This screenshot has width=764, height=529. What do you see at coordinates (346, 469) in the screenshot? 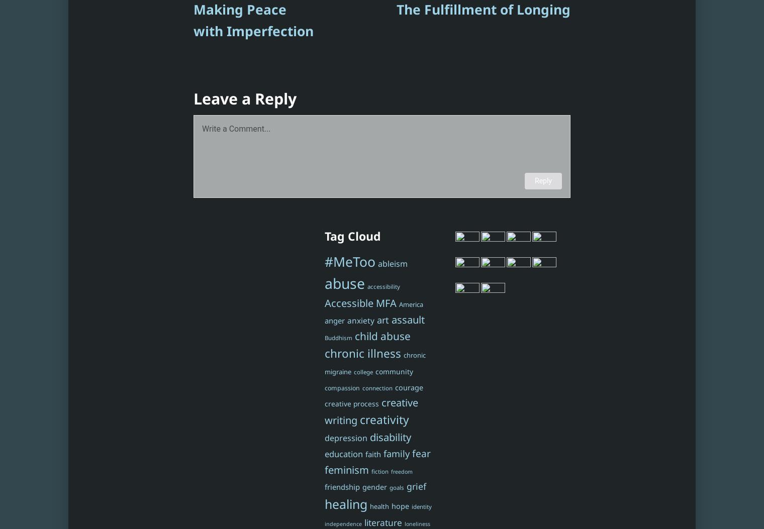
I see `'feminism'` at bounding box center [346, 469].